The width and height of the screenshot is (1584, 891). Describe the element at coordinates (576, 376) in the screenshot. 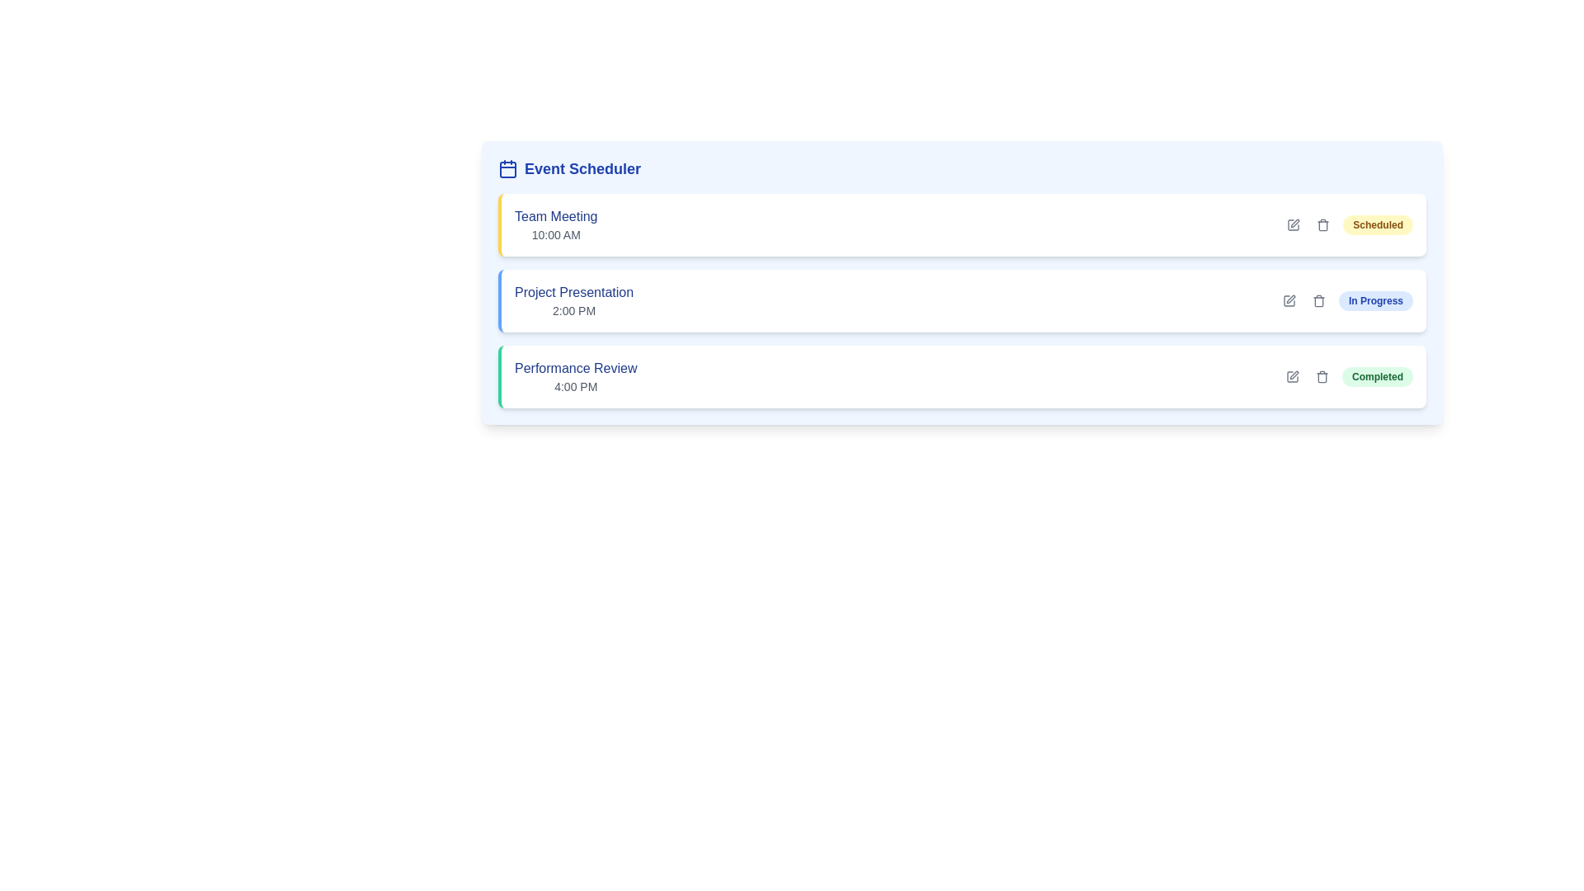

I see `text from the 'Performance Review' label, which is displayed in bold blue text with a subtitle '4:00 PM' beneath it in smaller gray text, located in the third row of the event schedule card layout` at that location.